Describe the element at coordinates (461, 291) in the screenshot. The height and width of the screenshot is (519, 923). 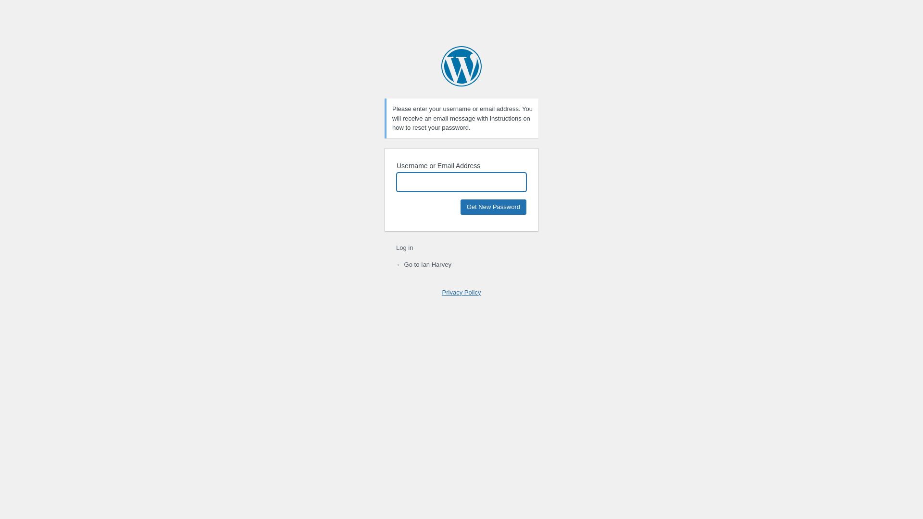
I see `'Privacy Policy'` at that location.